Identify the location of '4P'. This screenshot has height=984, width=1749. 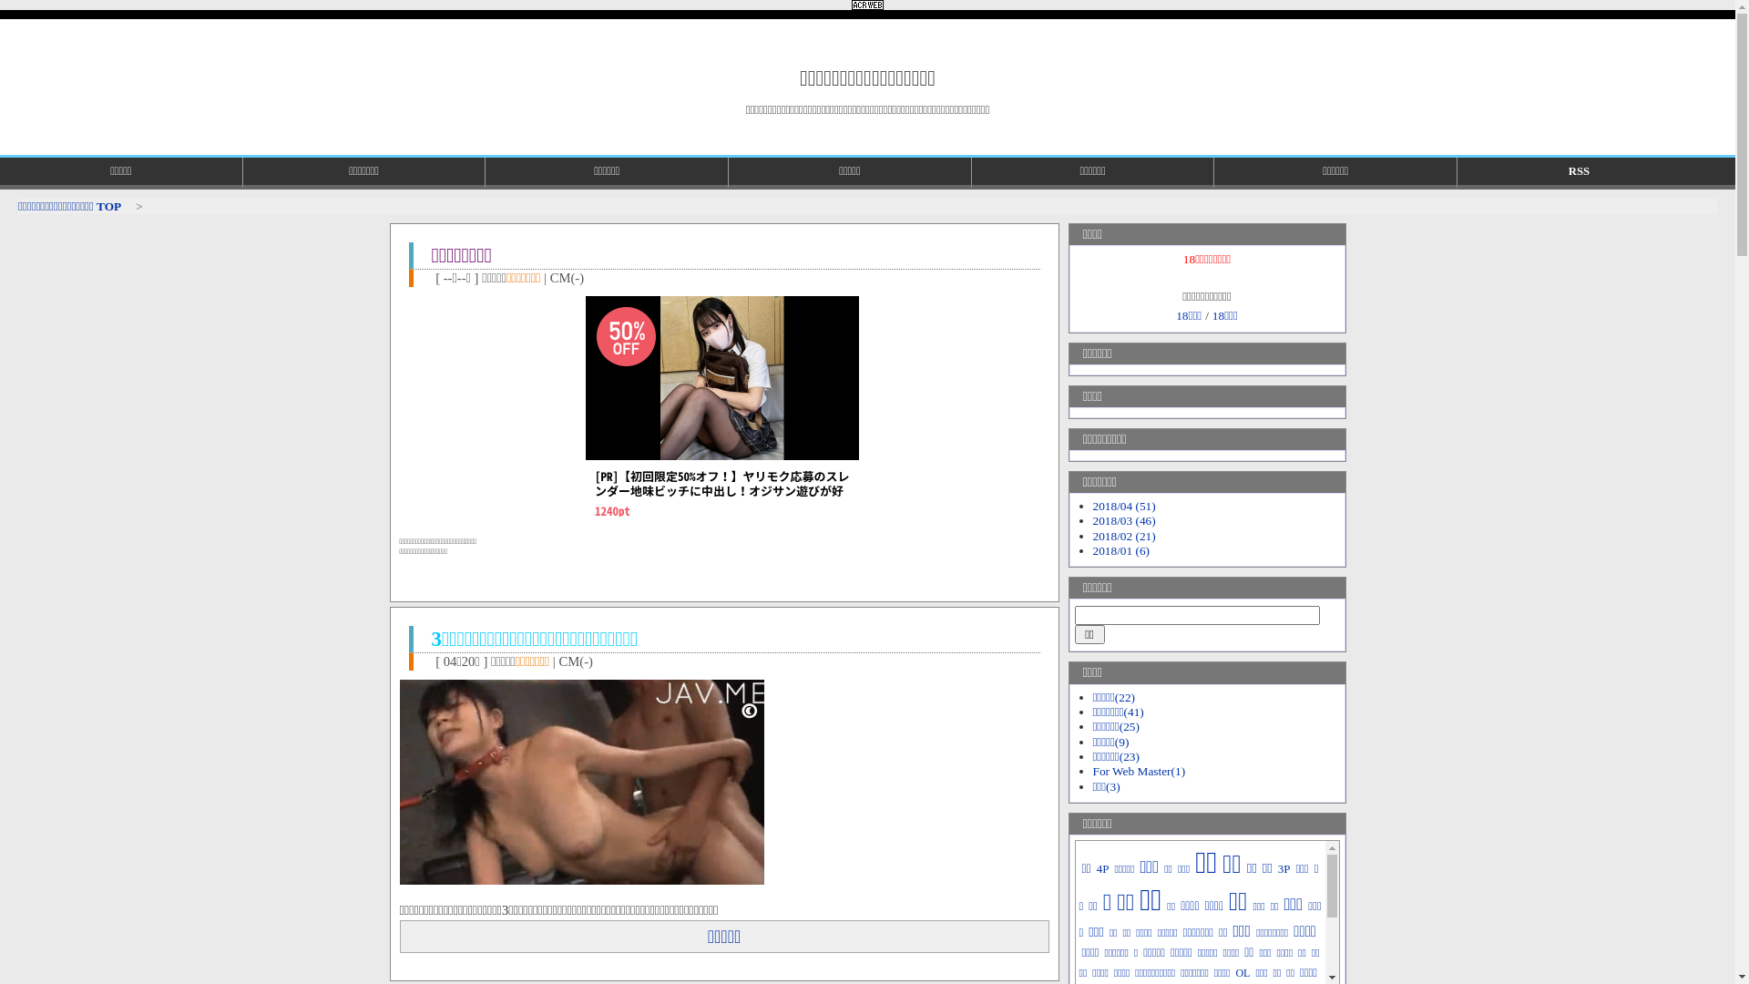
(1101, 867).